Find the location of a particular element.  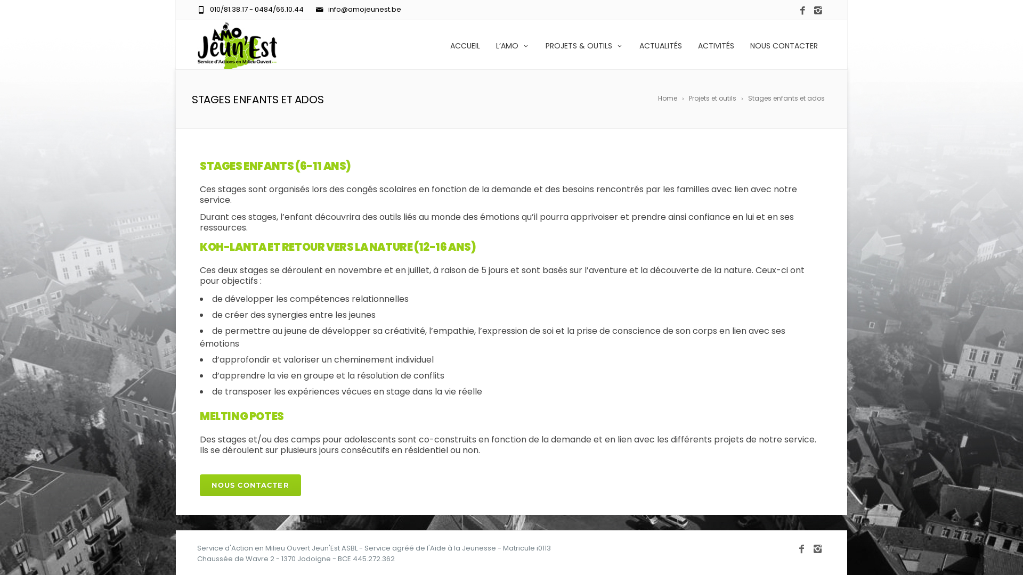

'Home' is located at coordinates (671, 98).